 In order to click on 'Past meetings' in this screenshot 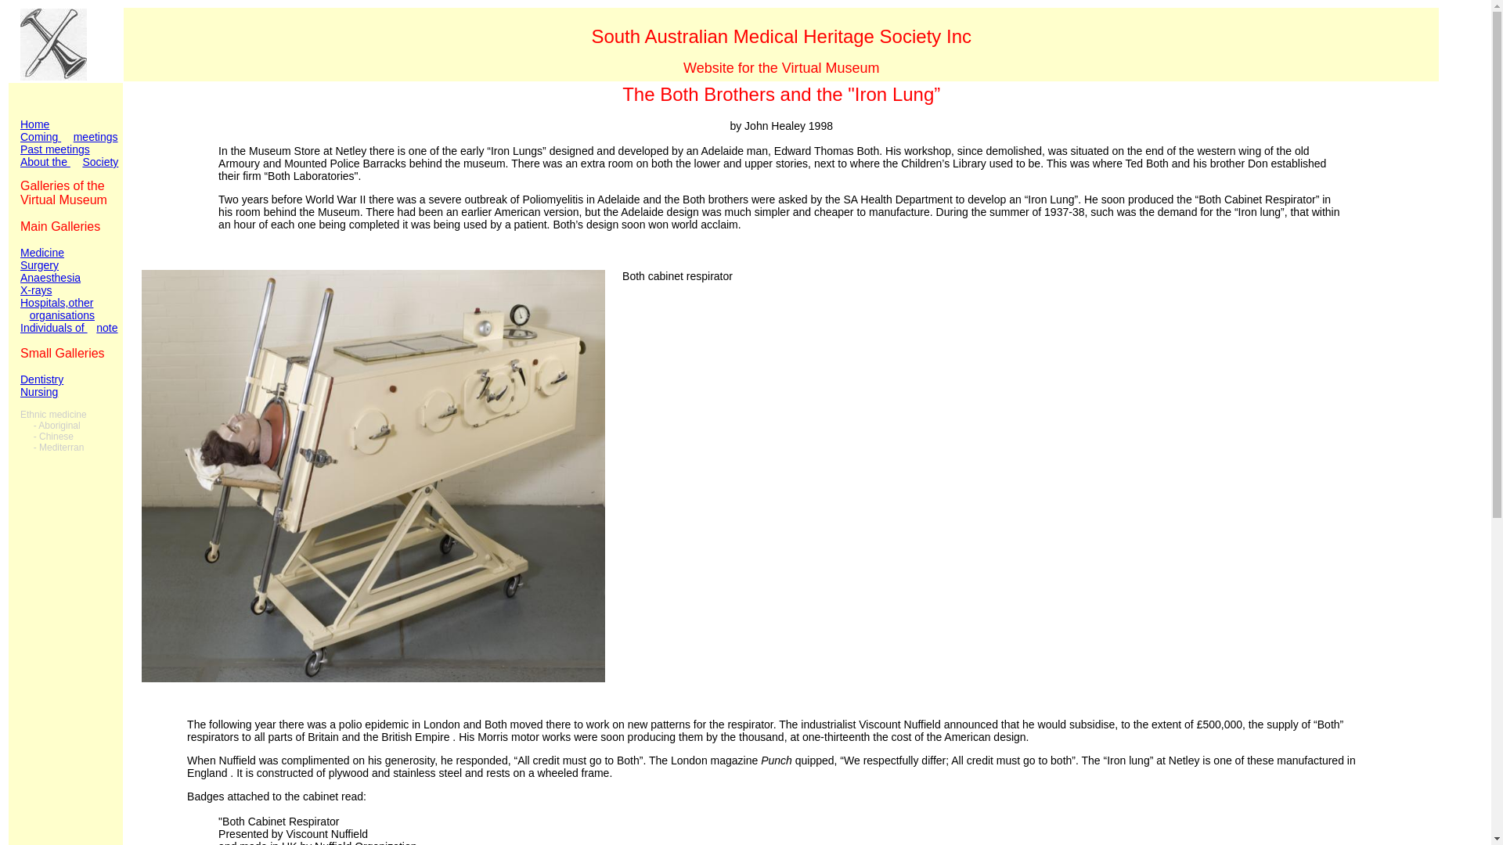, I will do `click(68, 156)`.